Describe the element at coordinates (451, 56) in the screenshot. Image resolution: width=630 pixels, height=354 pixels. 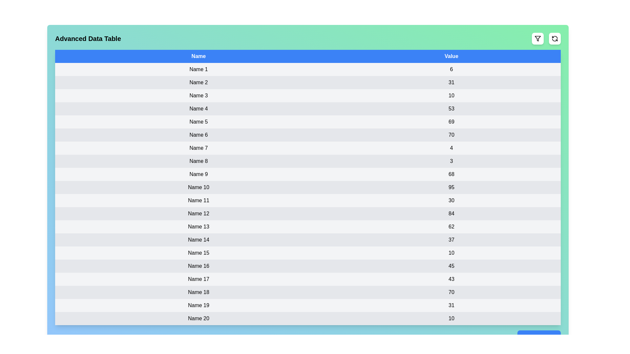
I see `the column header 'Value' to sort the table by that column` at that location.